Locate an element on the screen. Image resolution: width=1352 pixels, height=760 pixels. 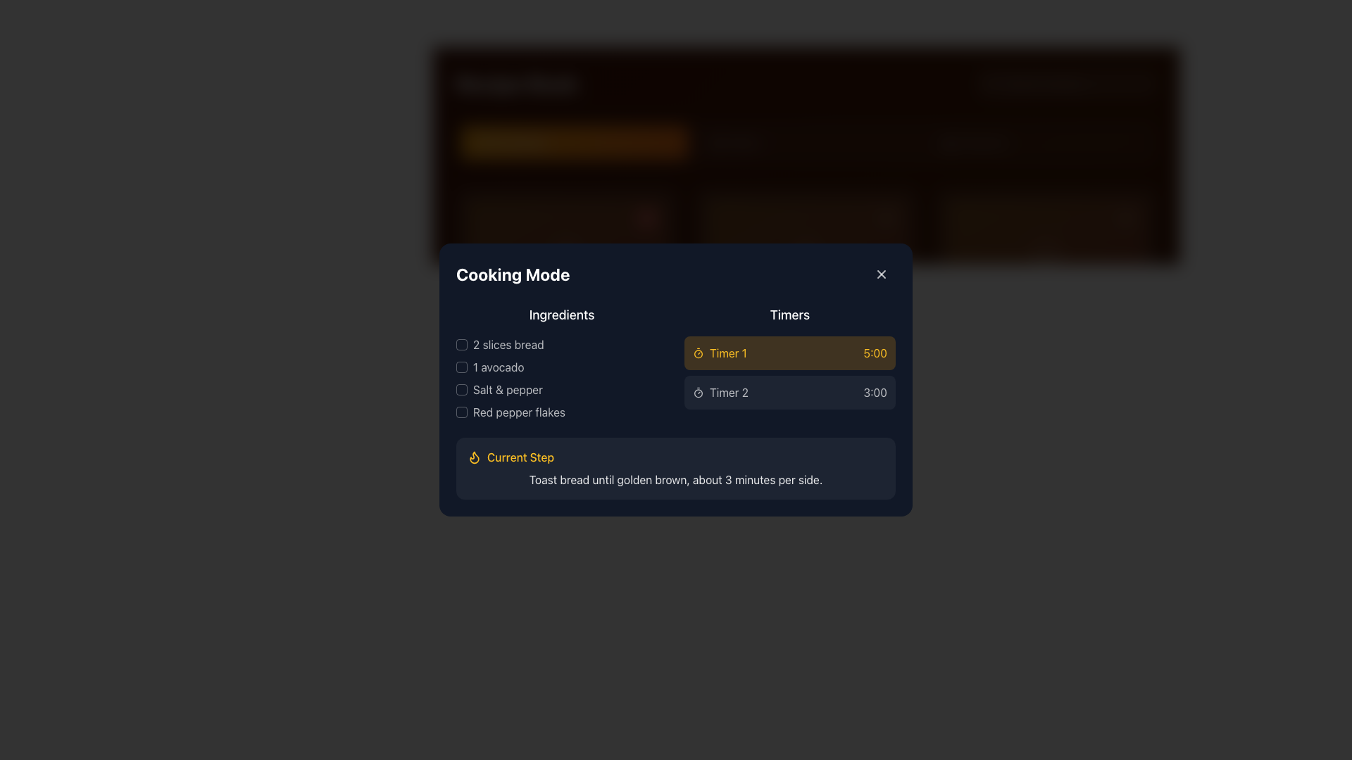
the interactive Timer display, which is the first item in the vertical list of timers within the 'Timers' section, located on the right side of the dialog panel is located at coordinates (790, 352).